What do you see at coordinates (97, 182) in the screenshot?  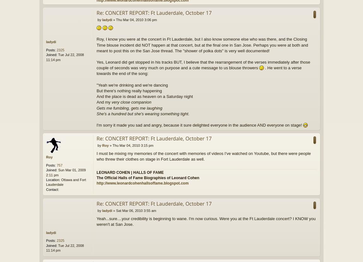 I see `'http://www.leonardcohenhallsoffame.blogspot.com'` at bounding box center [97, 182].